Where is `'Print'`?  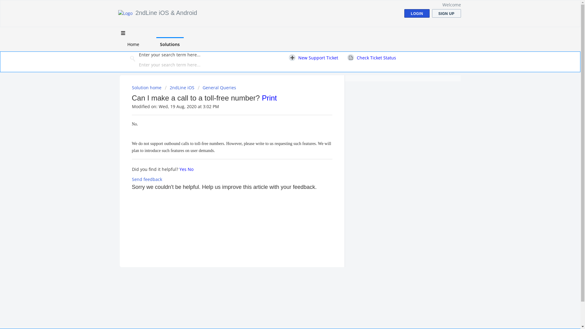 'Print' is located at coordinates (269, 97).